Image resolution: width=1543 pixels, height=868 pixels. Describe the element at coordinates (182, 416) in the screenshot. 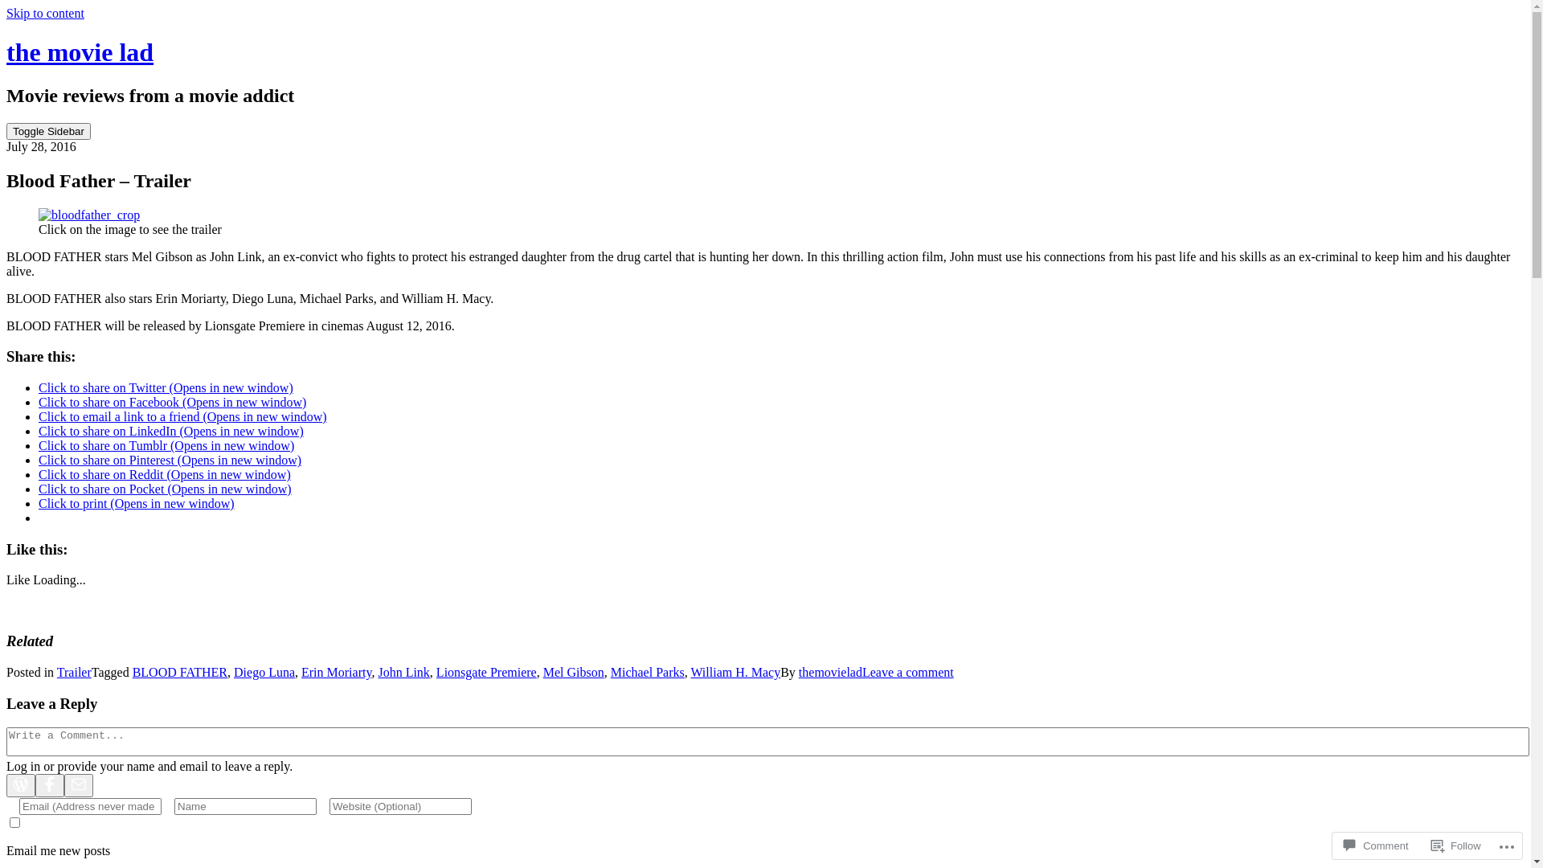

I see `'Click to email a link to a friend (Opens in new window)'` at that location.